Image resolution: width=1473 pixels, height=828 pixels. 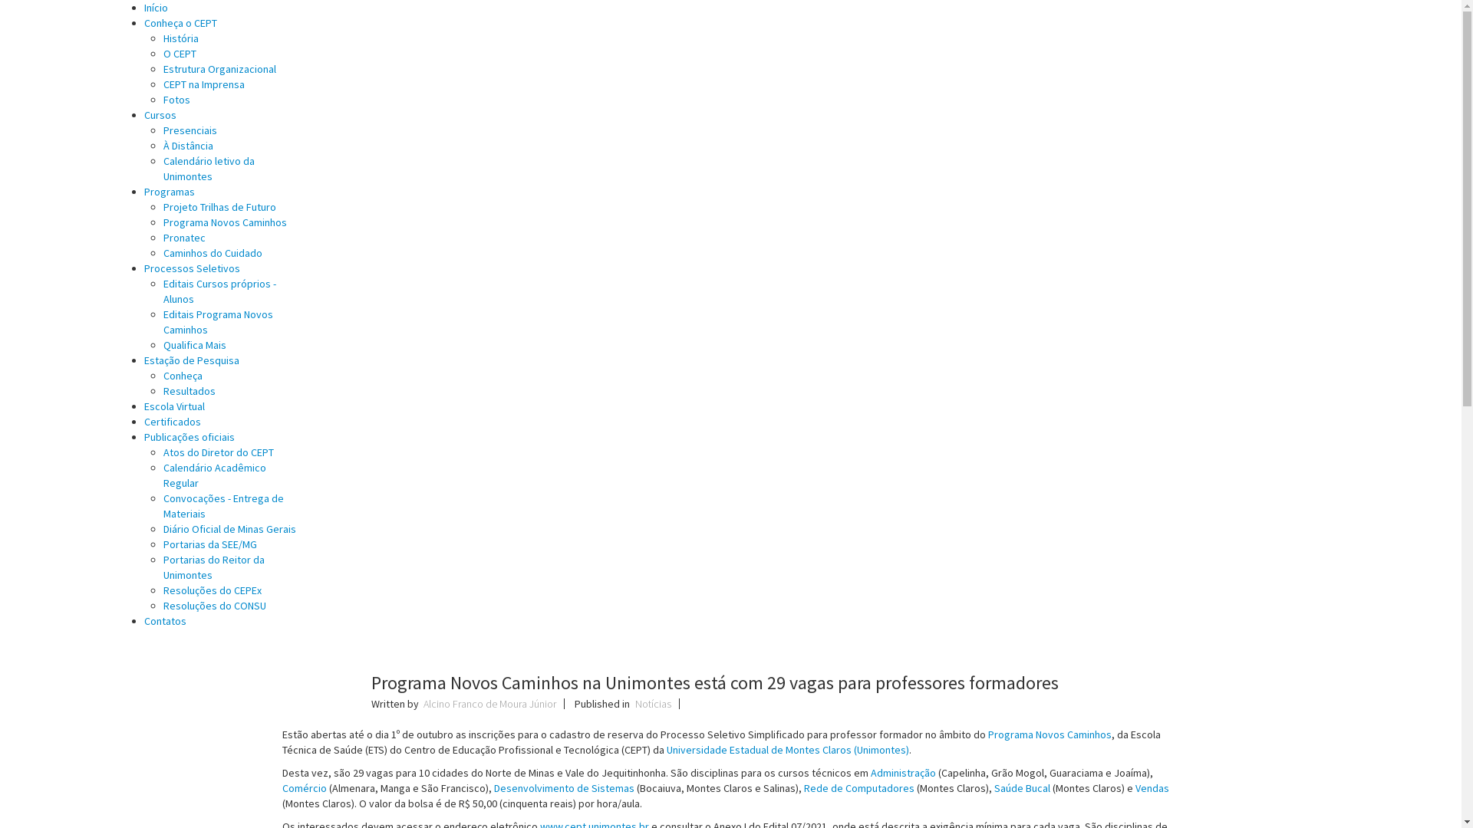 What do you see at coordinates (184, 237) in the screenshot?
I see `'Pronatec'` at bounding box center [184, 237].